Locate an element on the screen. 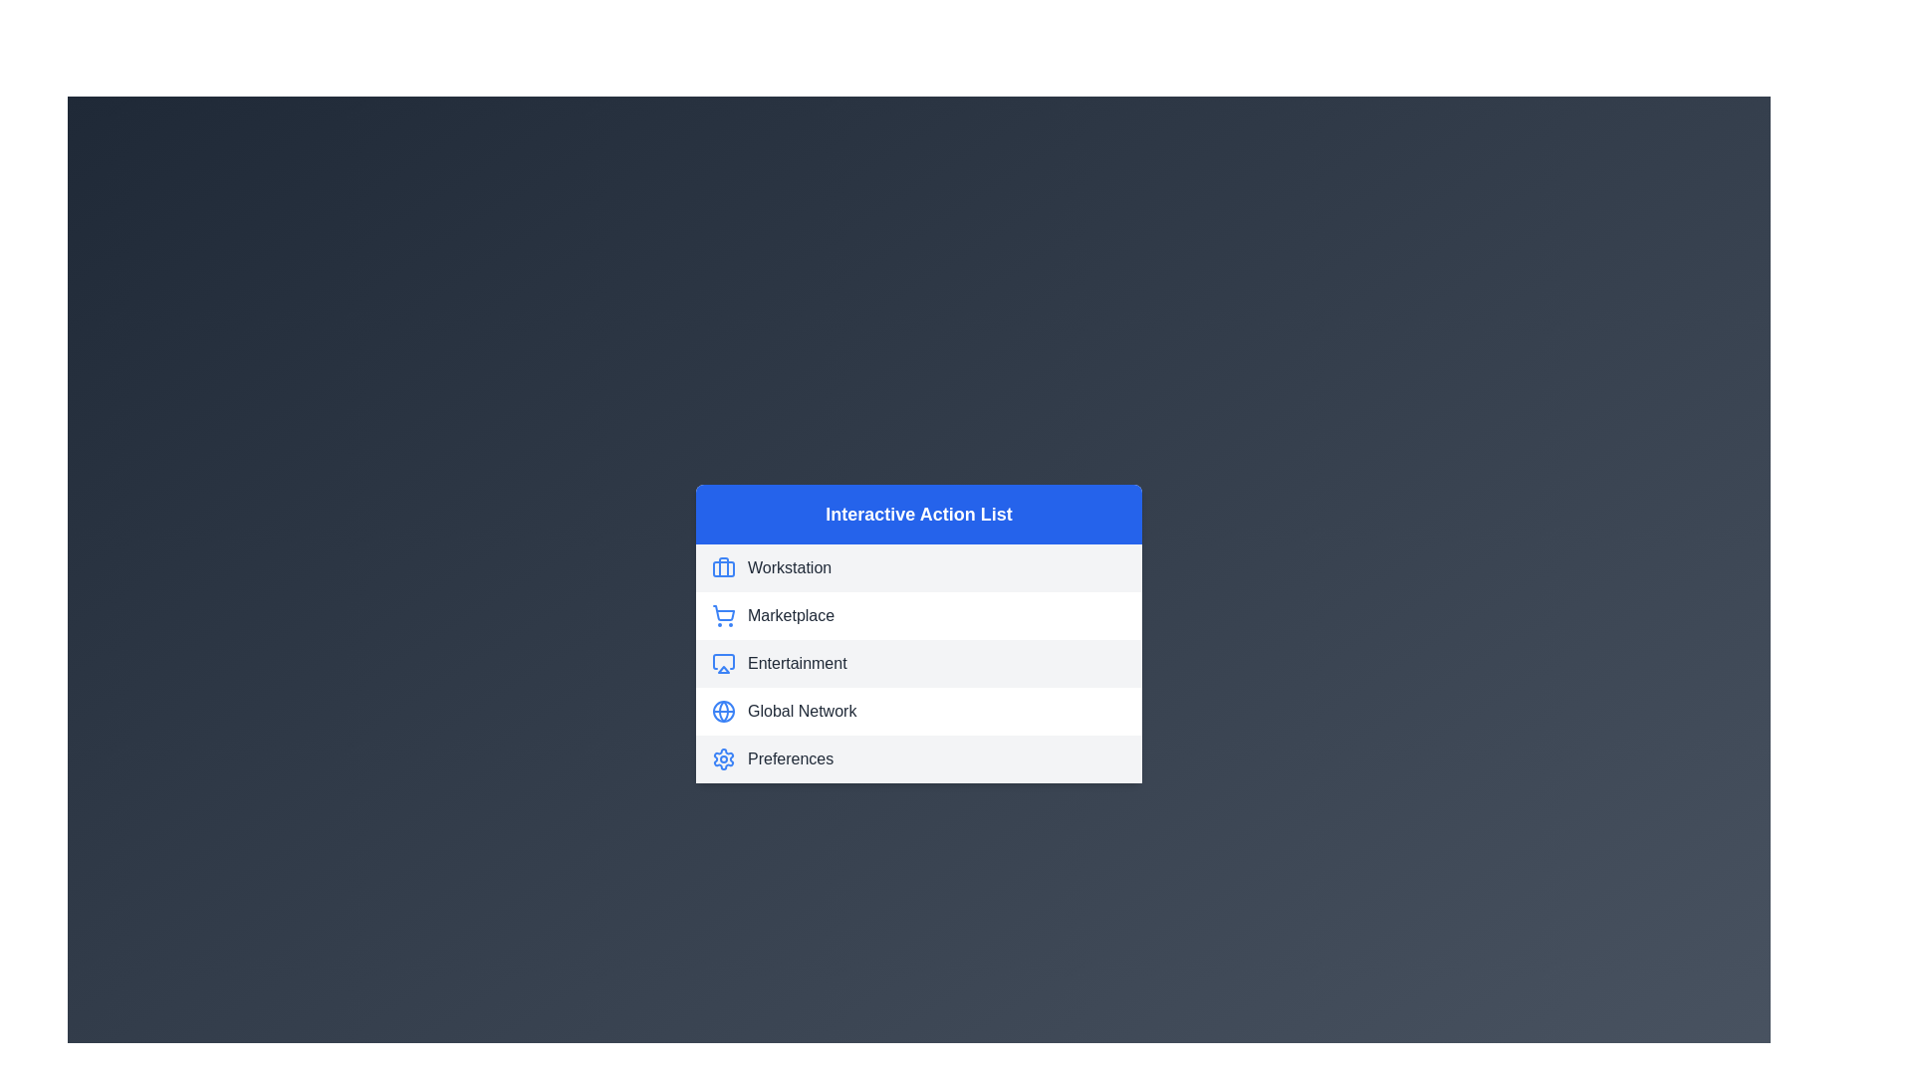 The width and height of the screenshot is (1912, 1075). the inner rectangular part of the blue briefcase icon located next to the 'Workstation' label in the menu is located at coordinates (722, 567).